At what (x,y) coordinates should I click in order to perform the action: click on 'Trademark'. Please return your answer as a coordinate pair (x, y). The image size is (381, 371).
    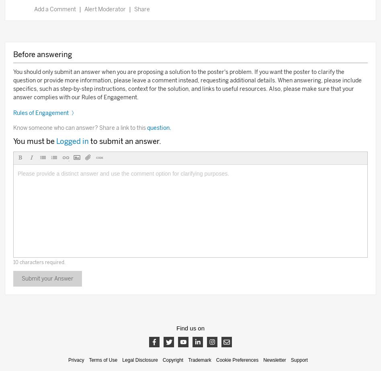
    Looking at the image, I should click on (199, 359).